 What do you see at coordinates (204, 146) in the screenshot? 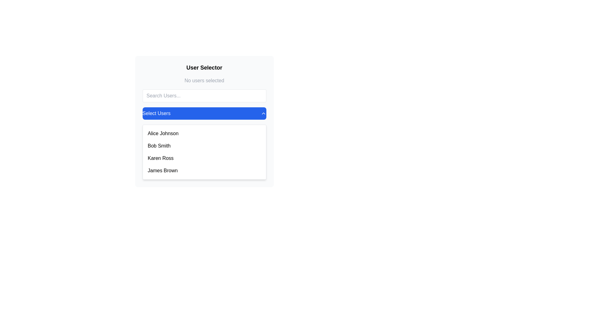
I see `the second list item labeled 'Bob Smith' within the 'Select Users' section` at bounding box center [204, 146].